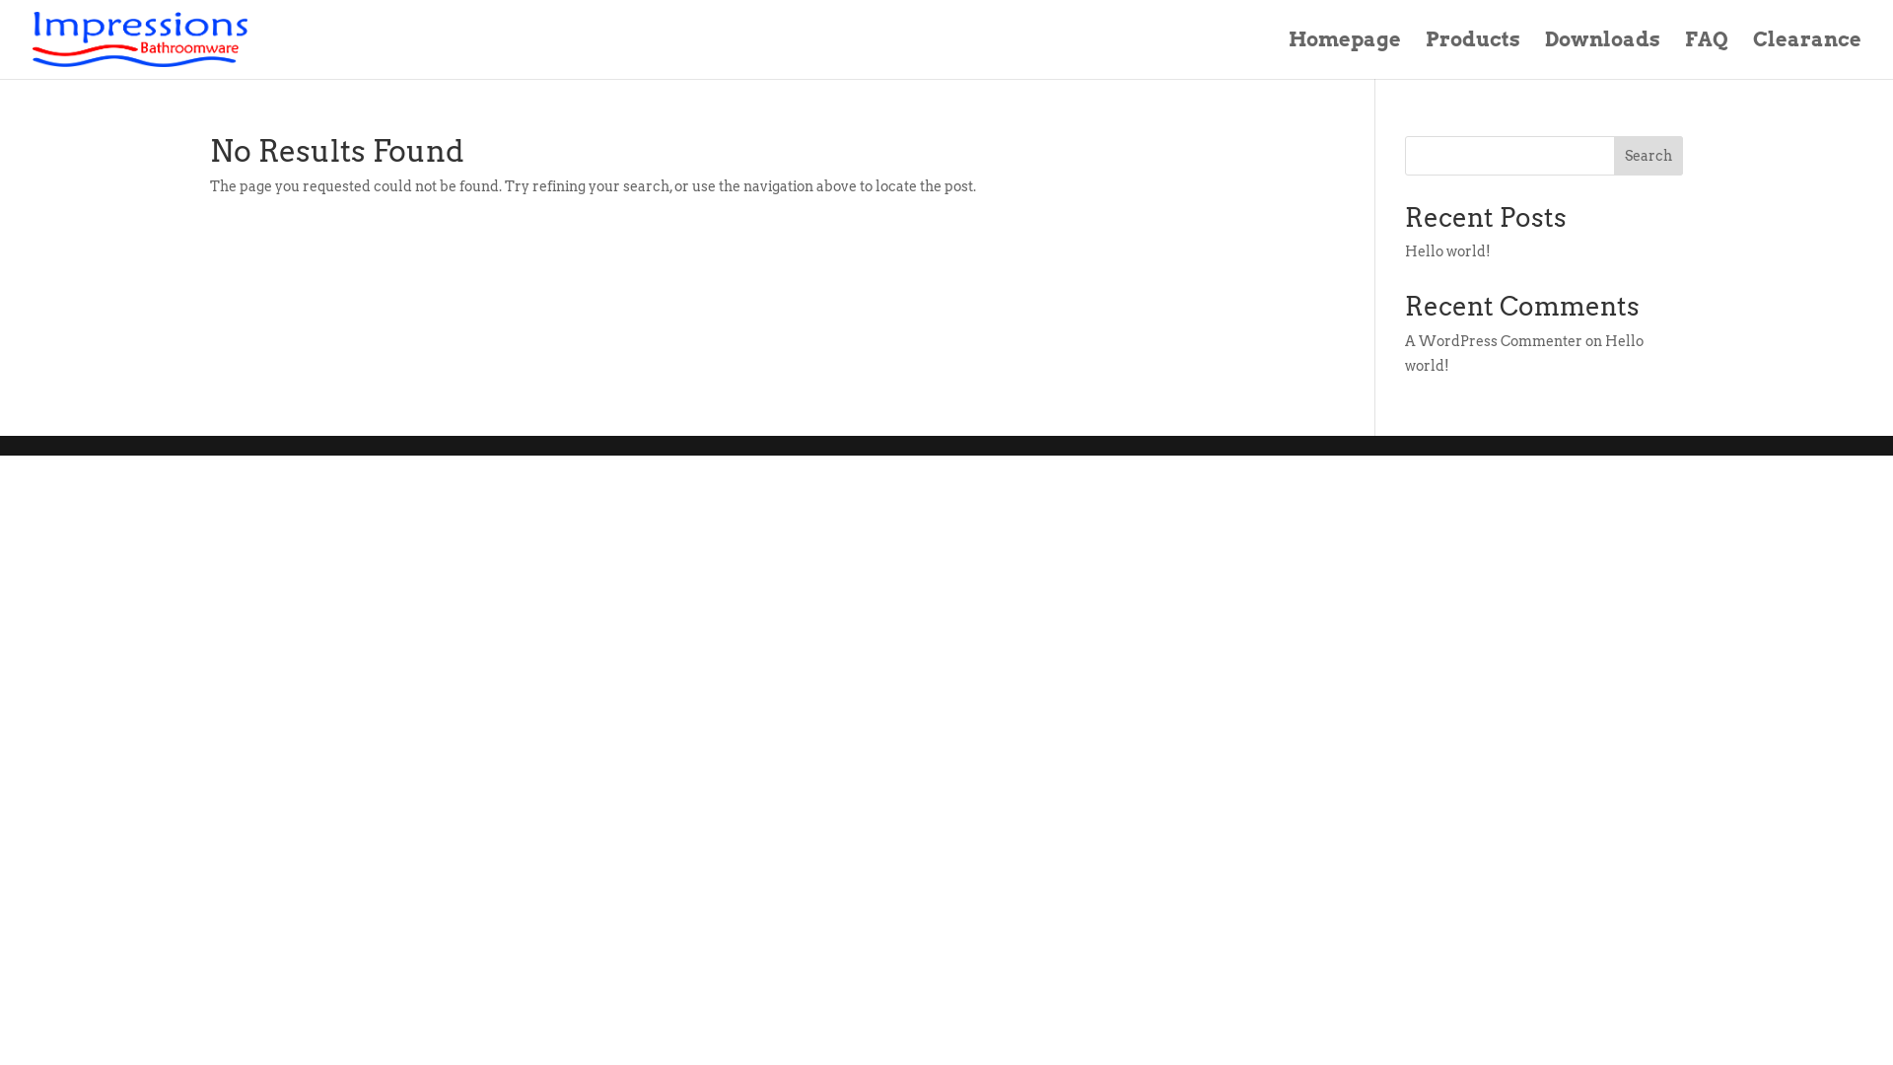  What do you see at coordinates (1343, 54) in the screenshot?
I see `'Homepage'` at bounding box center [1343, 54].